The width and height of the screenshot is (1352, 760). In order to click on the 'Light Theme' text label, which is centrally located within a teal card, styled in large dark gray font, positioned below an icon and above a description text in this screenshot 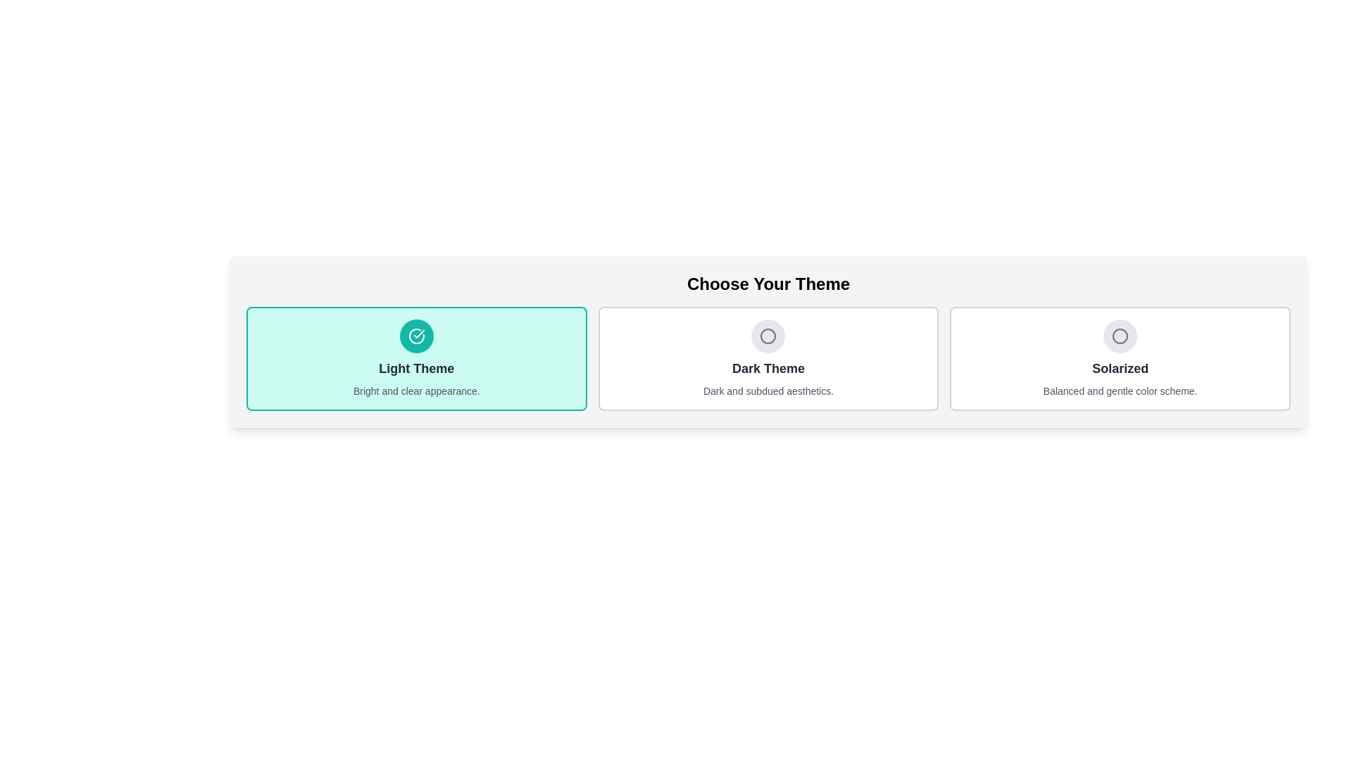, I will do `click(415, 368)`.